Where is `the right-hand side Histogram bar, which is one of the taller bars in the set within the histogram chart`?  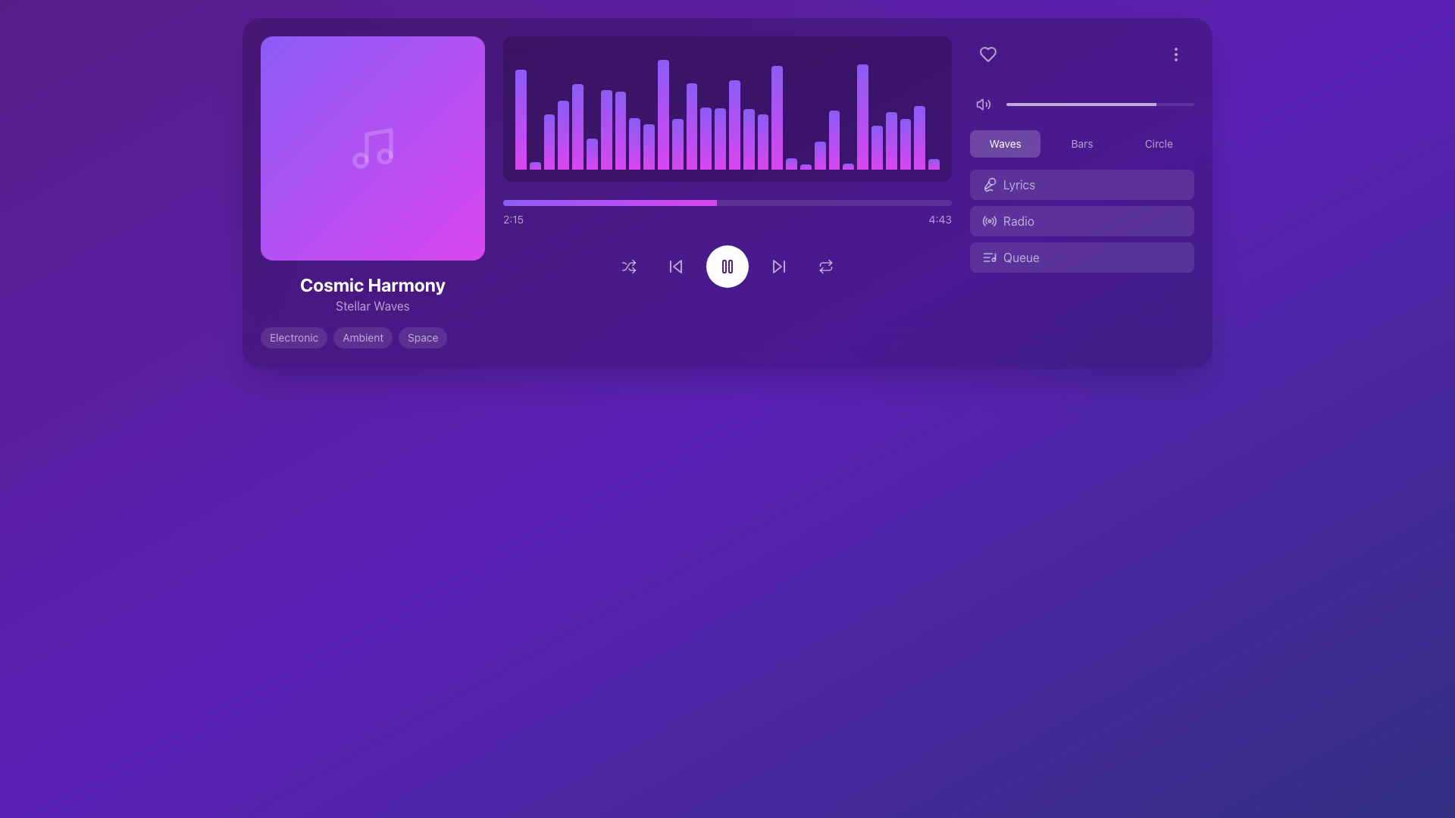 the right-hand side Histogram bar, which is one of the taller bars in the set within the histogram chart is located at coordinates (862, 116).